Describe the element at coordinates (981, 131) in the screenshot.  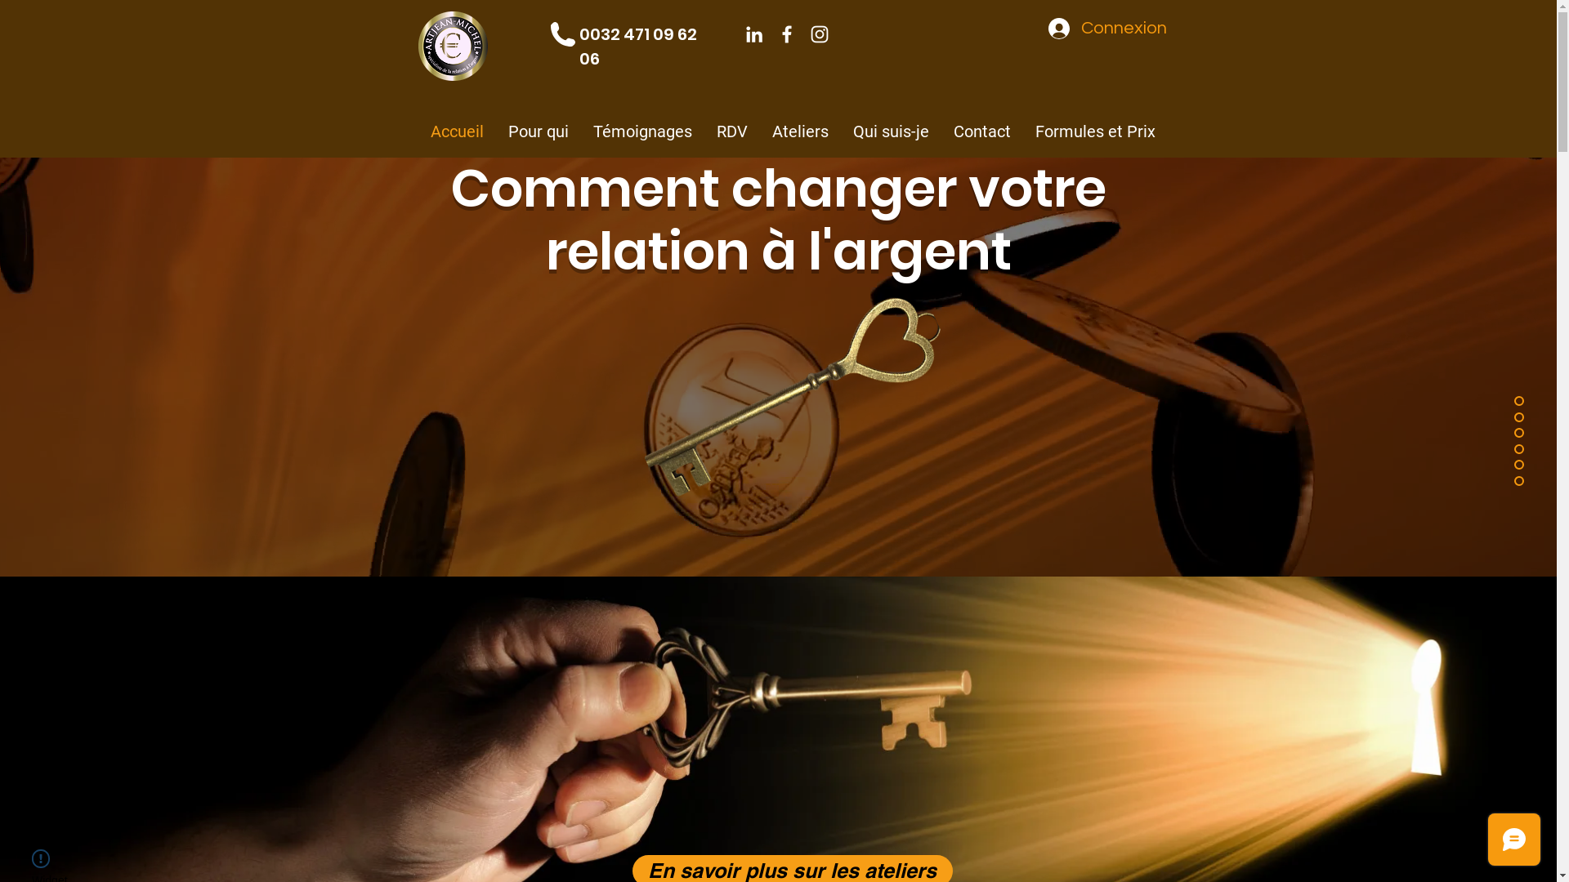
I see `'Contact'` at that location.